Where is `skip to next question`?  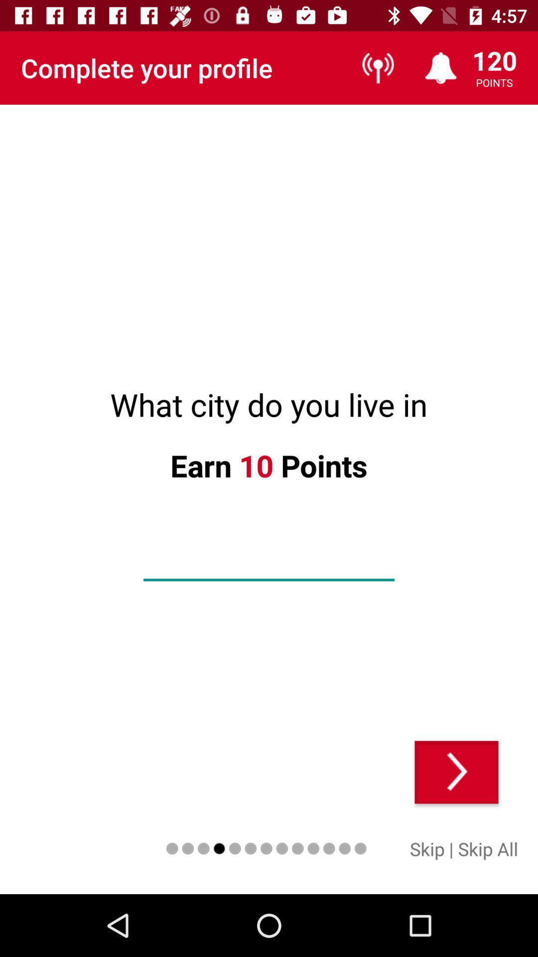
skip to next question is located at coordinates (456, 772).